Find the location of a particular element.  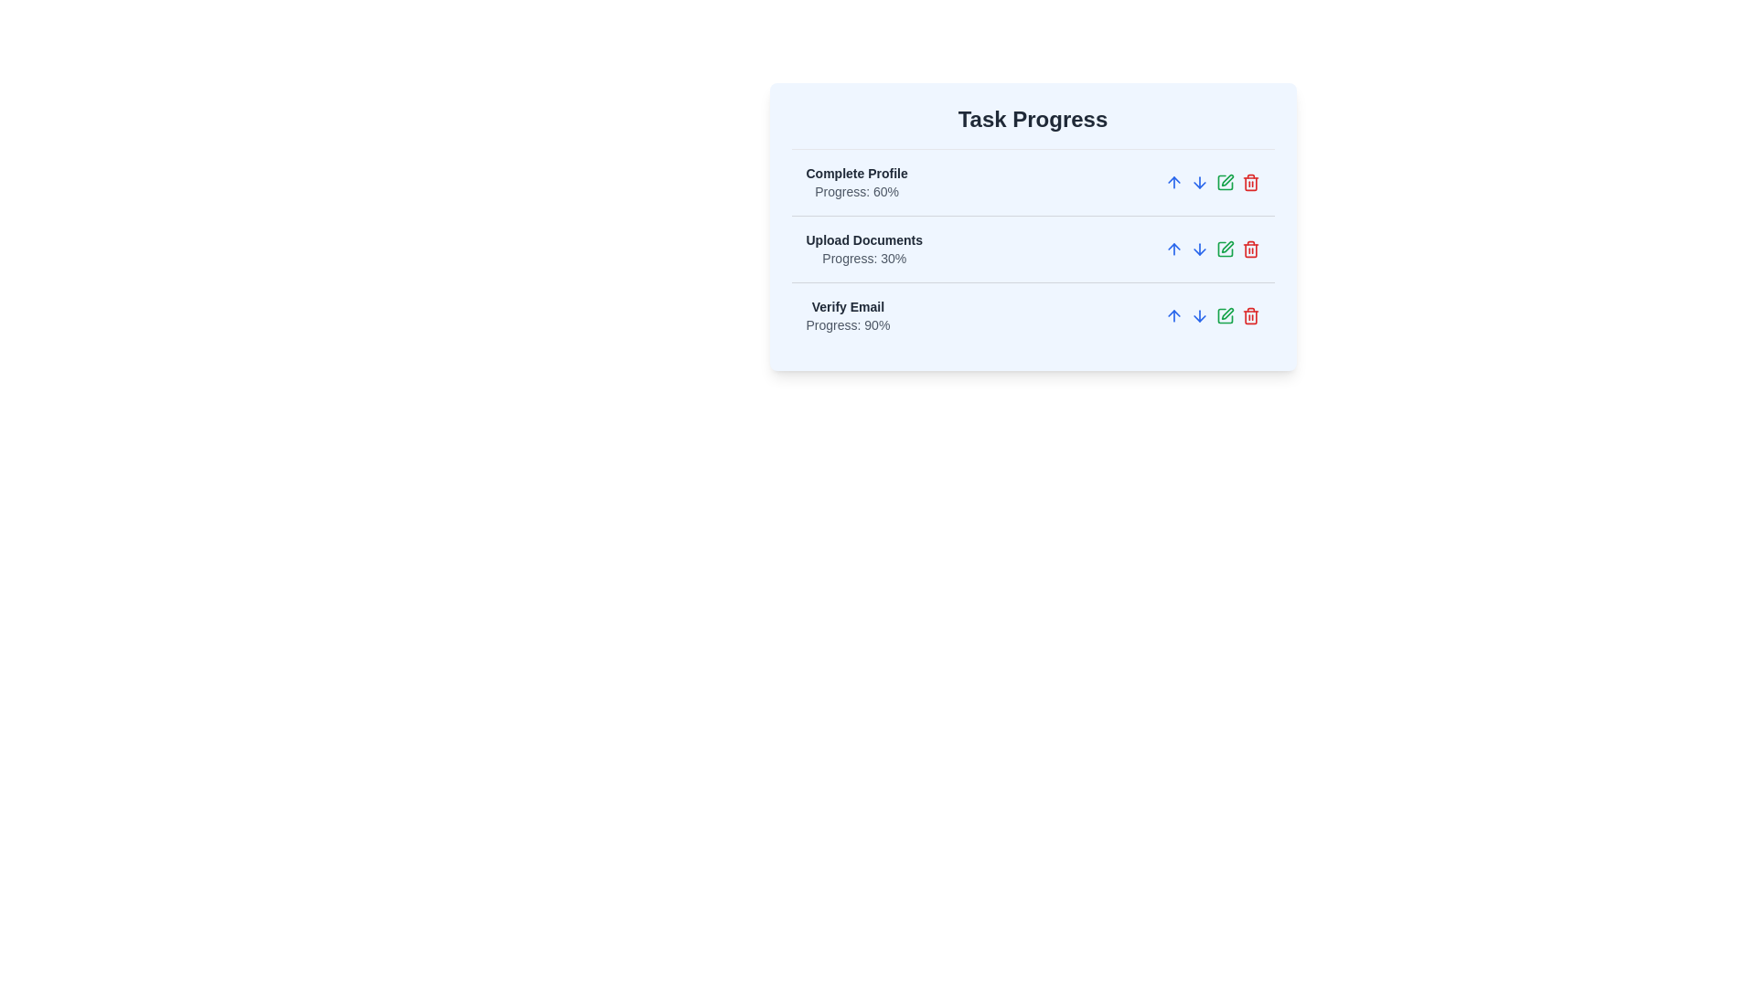

the upward movement button in the task progress area is located at coordinates (1173, 183).